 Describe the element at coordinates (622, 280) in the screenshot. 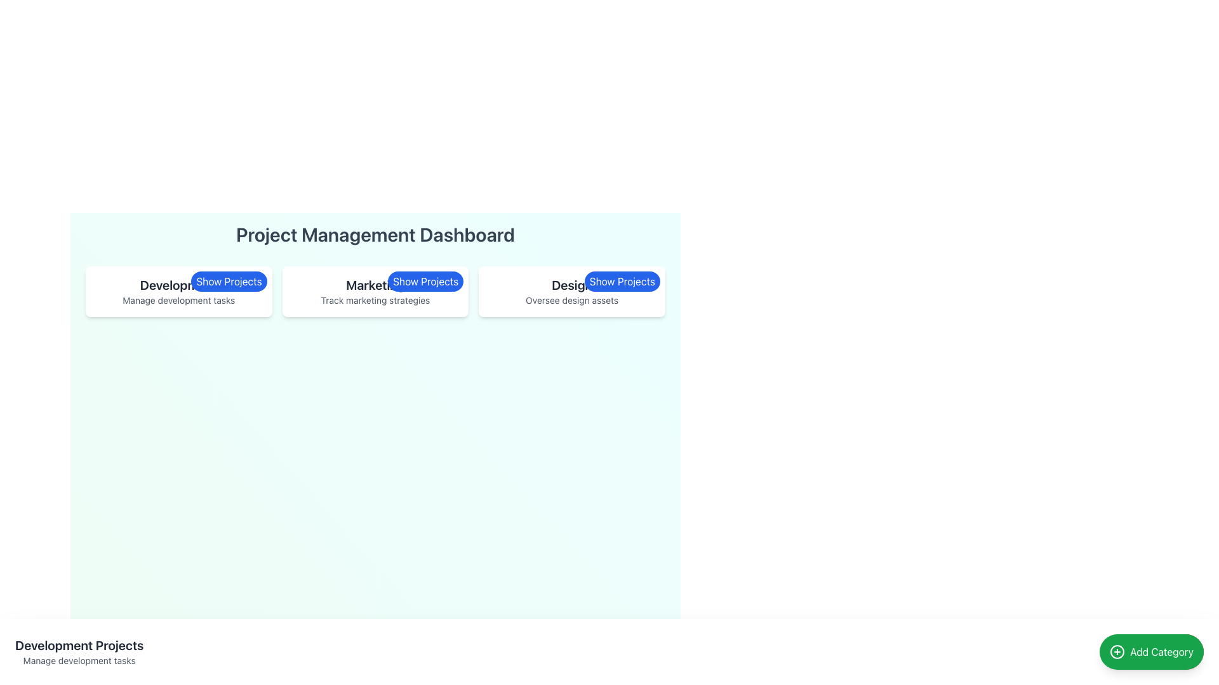

I see `the 'Show Projects' button with a blue background and white text located in the top-right corner of the 'Design' card` at that location.